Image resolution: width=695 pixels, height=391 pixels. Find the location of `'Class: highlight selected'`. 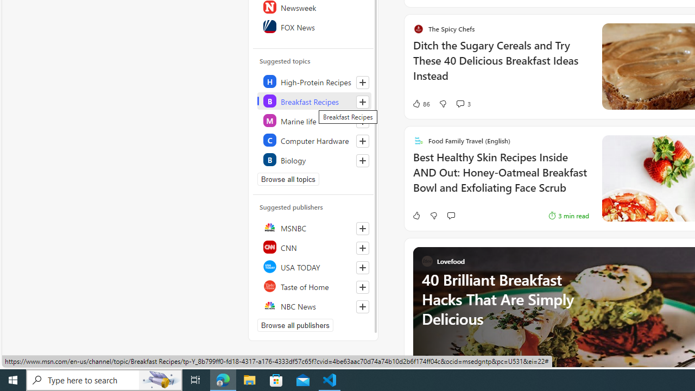

'Class: highlight selected' is located at coordinates (313, 101).